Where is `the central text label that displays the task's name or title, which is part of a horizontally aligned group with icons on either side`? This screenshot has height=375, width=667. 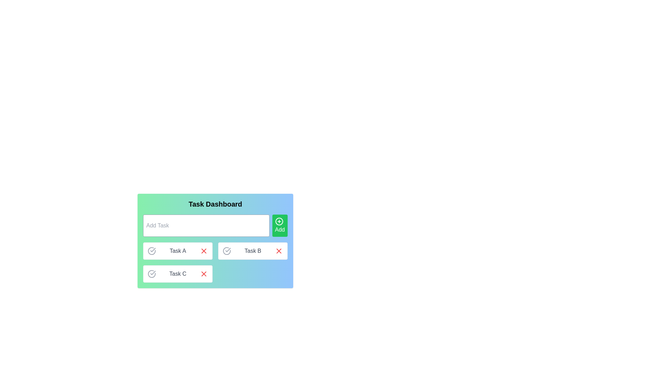
the central text label that displays the task's name or title, which is part of a horizontally aligned group with icons on either side is located at coordinates (178, 251).